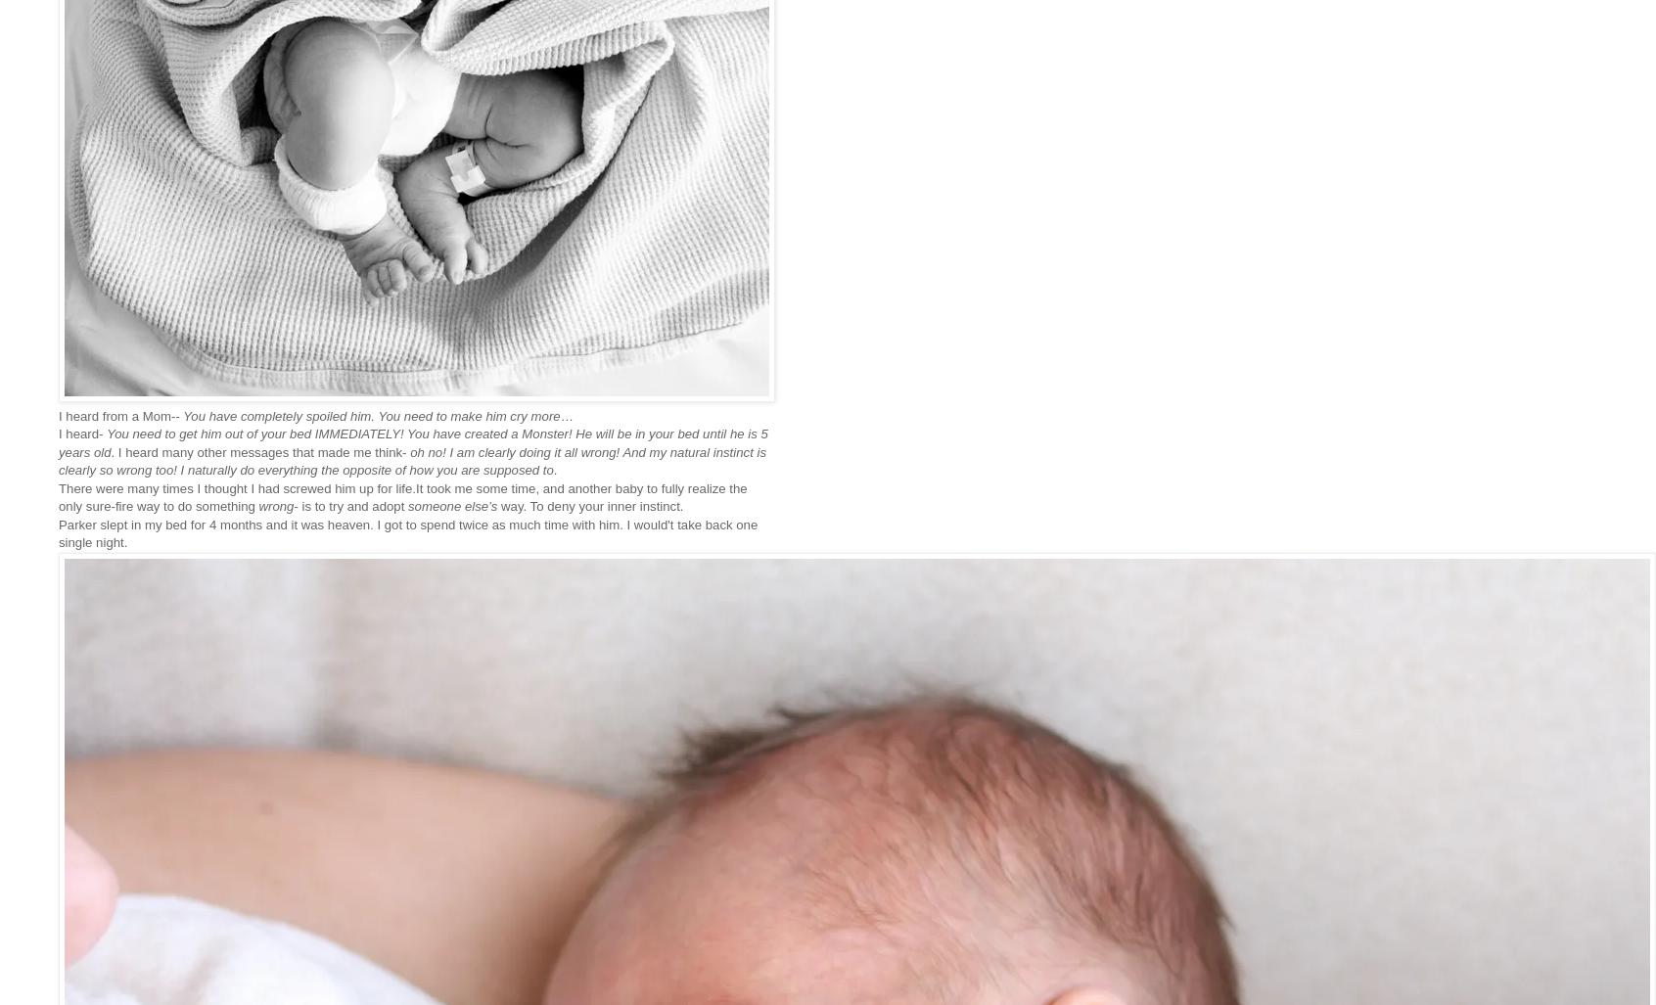 This screenshot has width=1656, height=1005. Describe the element at coordinates (82, 433) in the screenshot. I see `'I heard-'` at that location.